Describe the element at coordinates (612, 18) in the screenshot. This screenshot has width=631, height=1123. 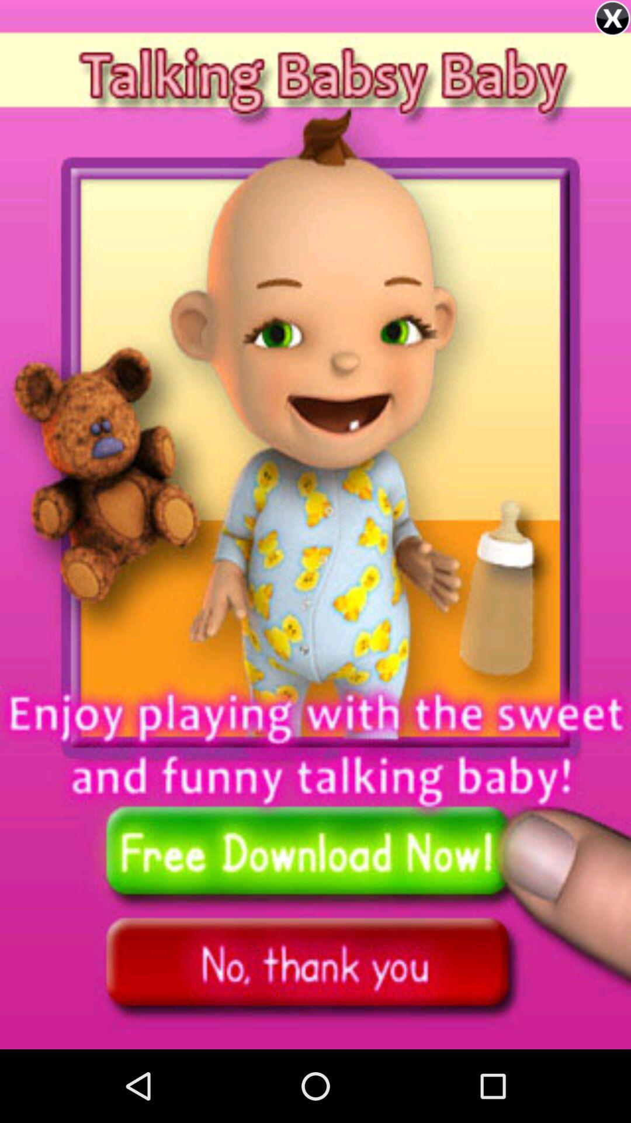
I see `advertisement` at that location.